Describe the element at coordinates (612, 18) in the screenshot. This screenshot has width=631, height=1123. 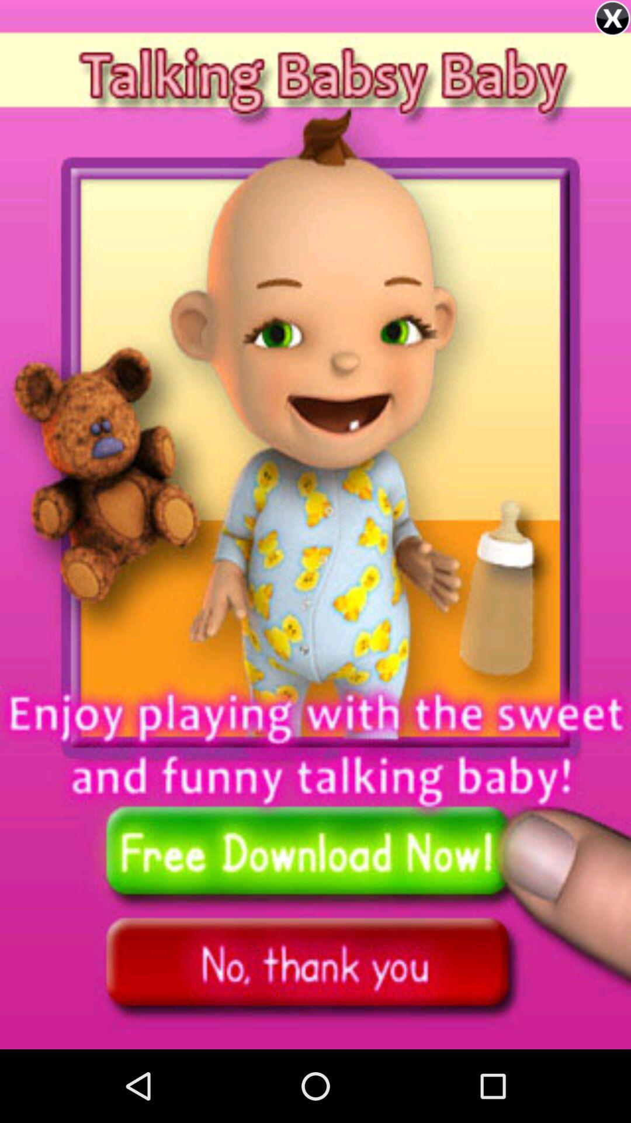
I see `advertisement` at that location.